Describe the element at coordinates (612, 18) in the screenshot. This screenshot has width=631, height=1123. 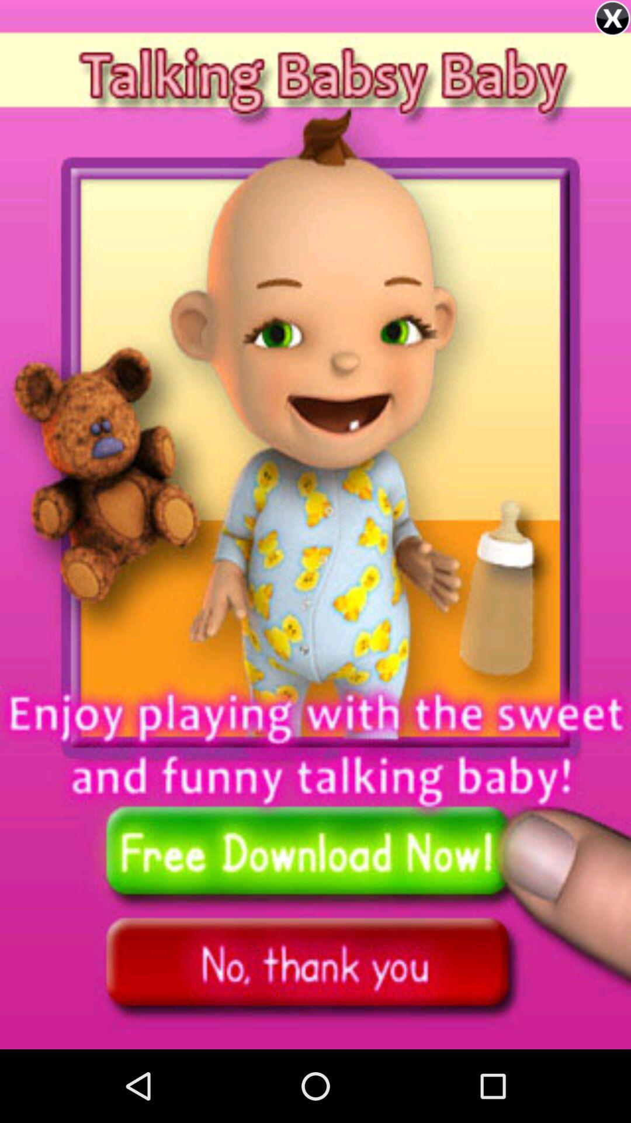
I see `advertisement` at that location.